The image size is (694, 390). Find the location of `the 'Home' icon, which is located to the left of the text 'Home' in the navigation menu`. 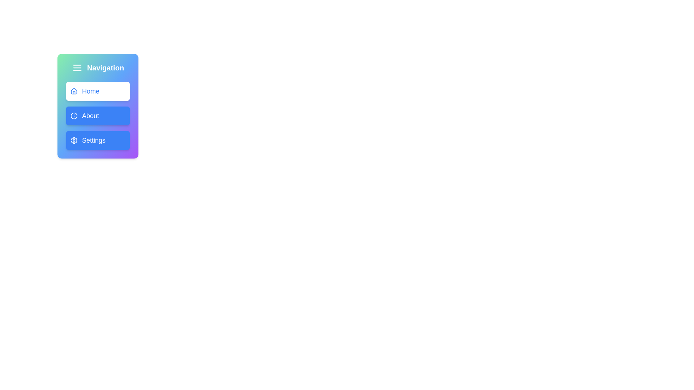

the 'Home' icon, which is located to the left of the text 'Home' in the navigation menu is located at coordinates (74, 91).